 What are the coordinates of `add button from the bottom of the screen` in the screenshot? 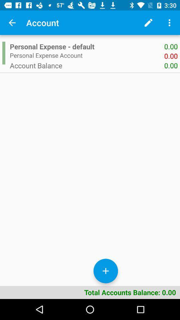 It's located at (106, 271).